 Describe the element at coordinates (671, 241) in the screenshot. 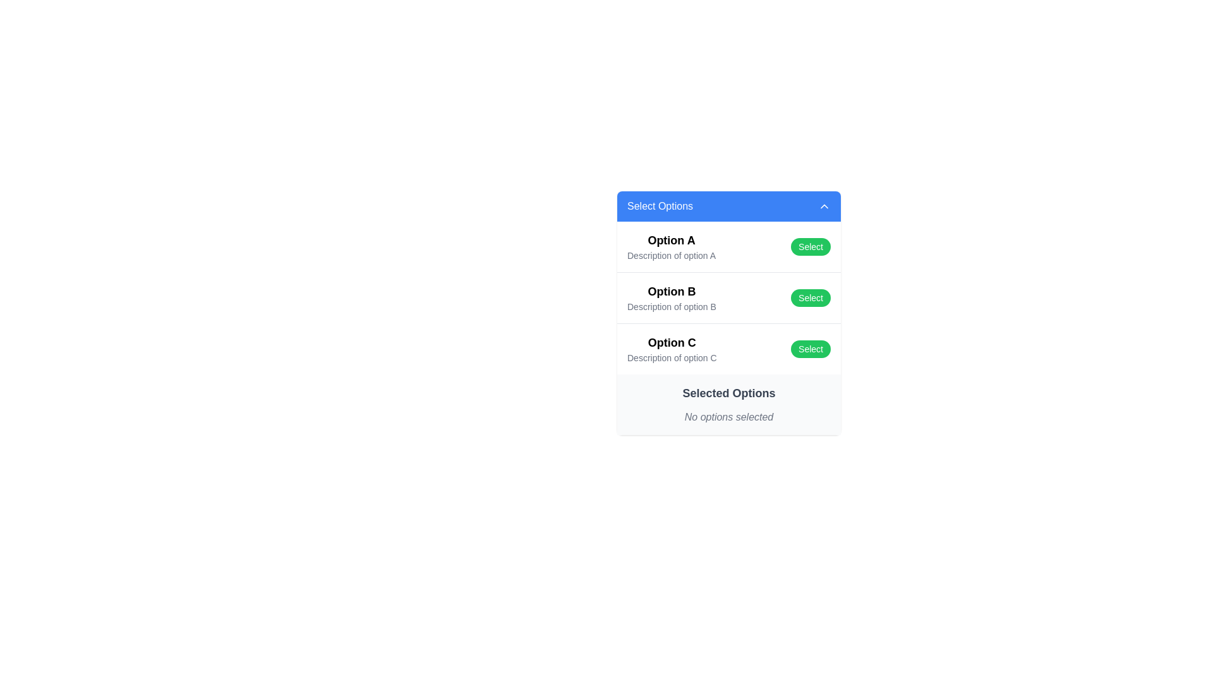

I see `the text label that serves as the title or heading for an option in the selection menu, located at the start of the vertical list` at that location.